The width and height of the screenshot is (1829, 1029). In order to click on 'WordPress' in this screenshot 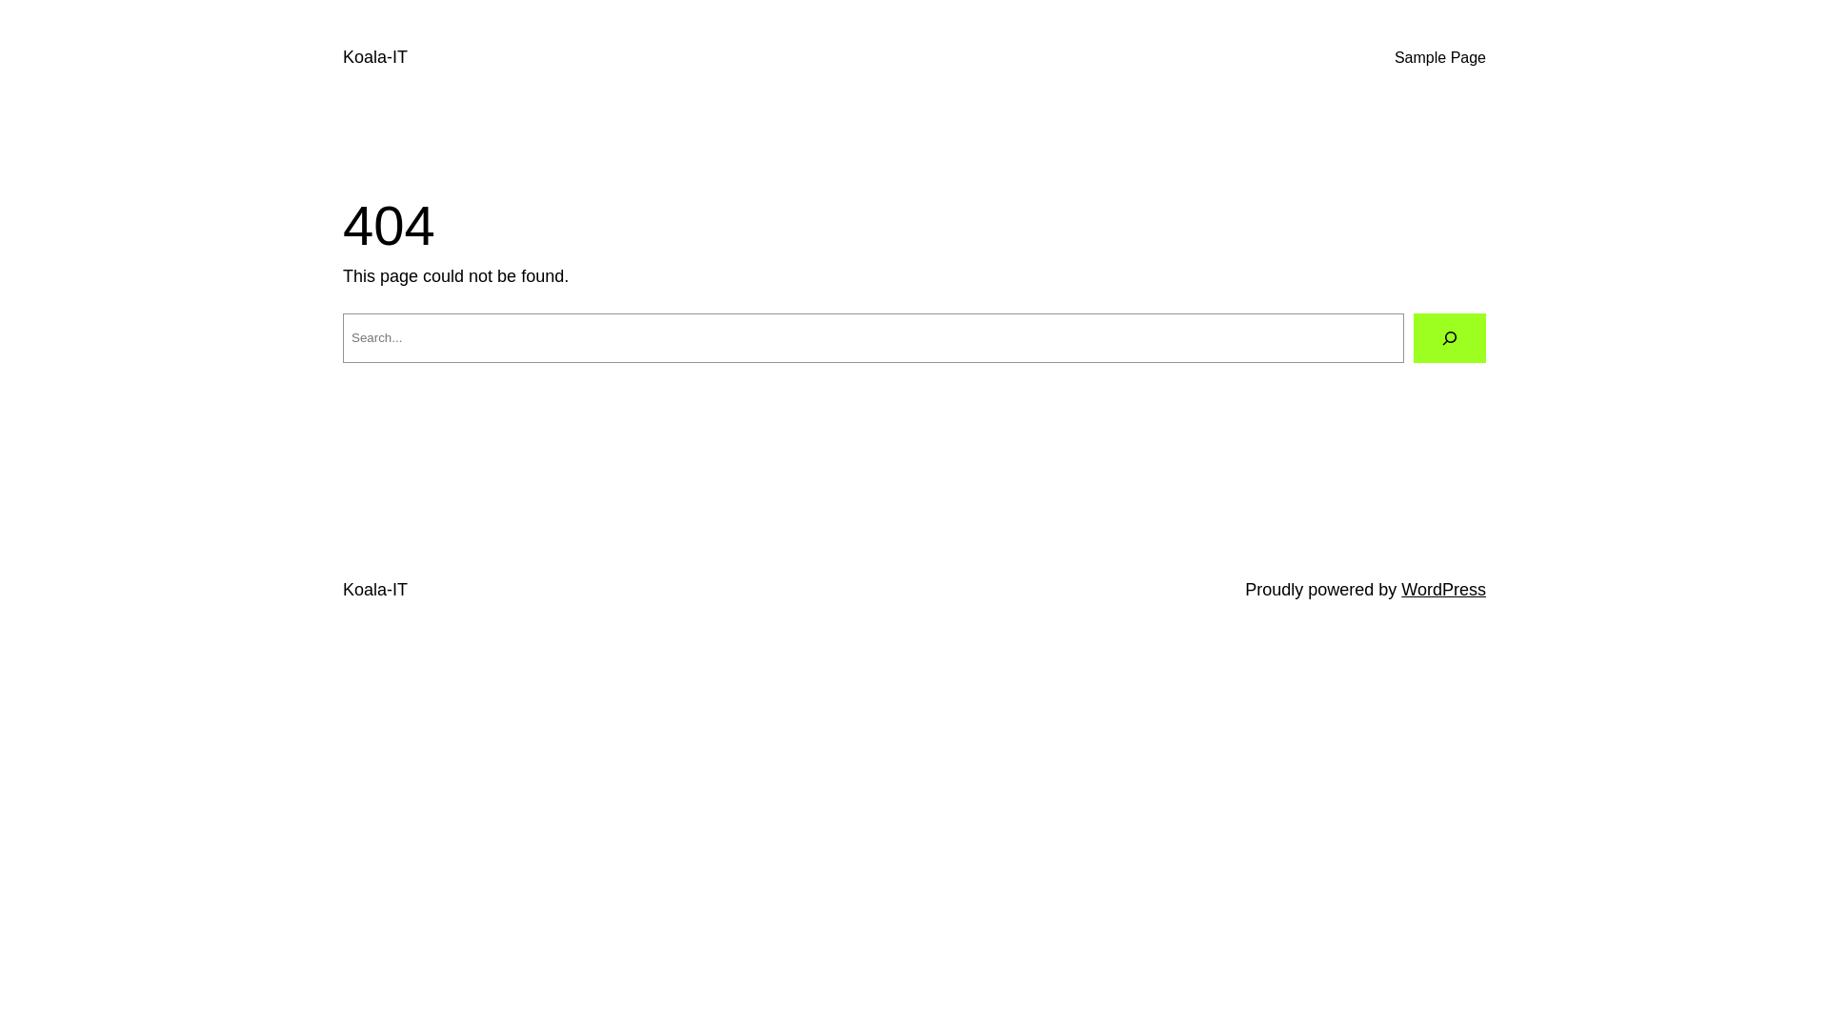, I will do `click(1443, 588)`.